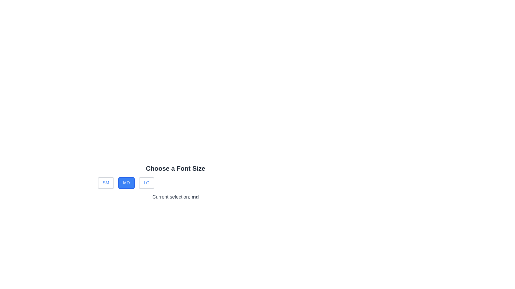 The height and width of the screenshot is (289, 515). I want to click on the text element indicating the current selection of font size, specifically showing 'md' as the selected option, so click(195, 197).